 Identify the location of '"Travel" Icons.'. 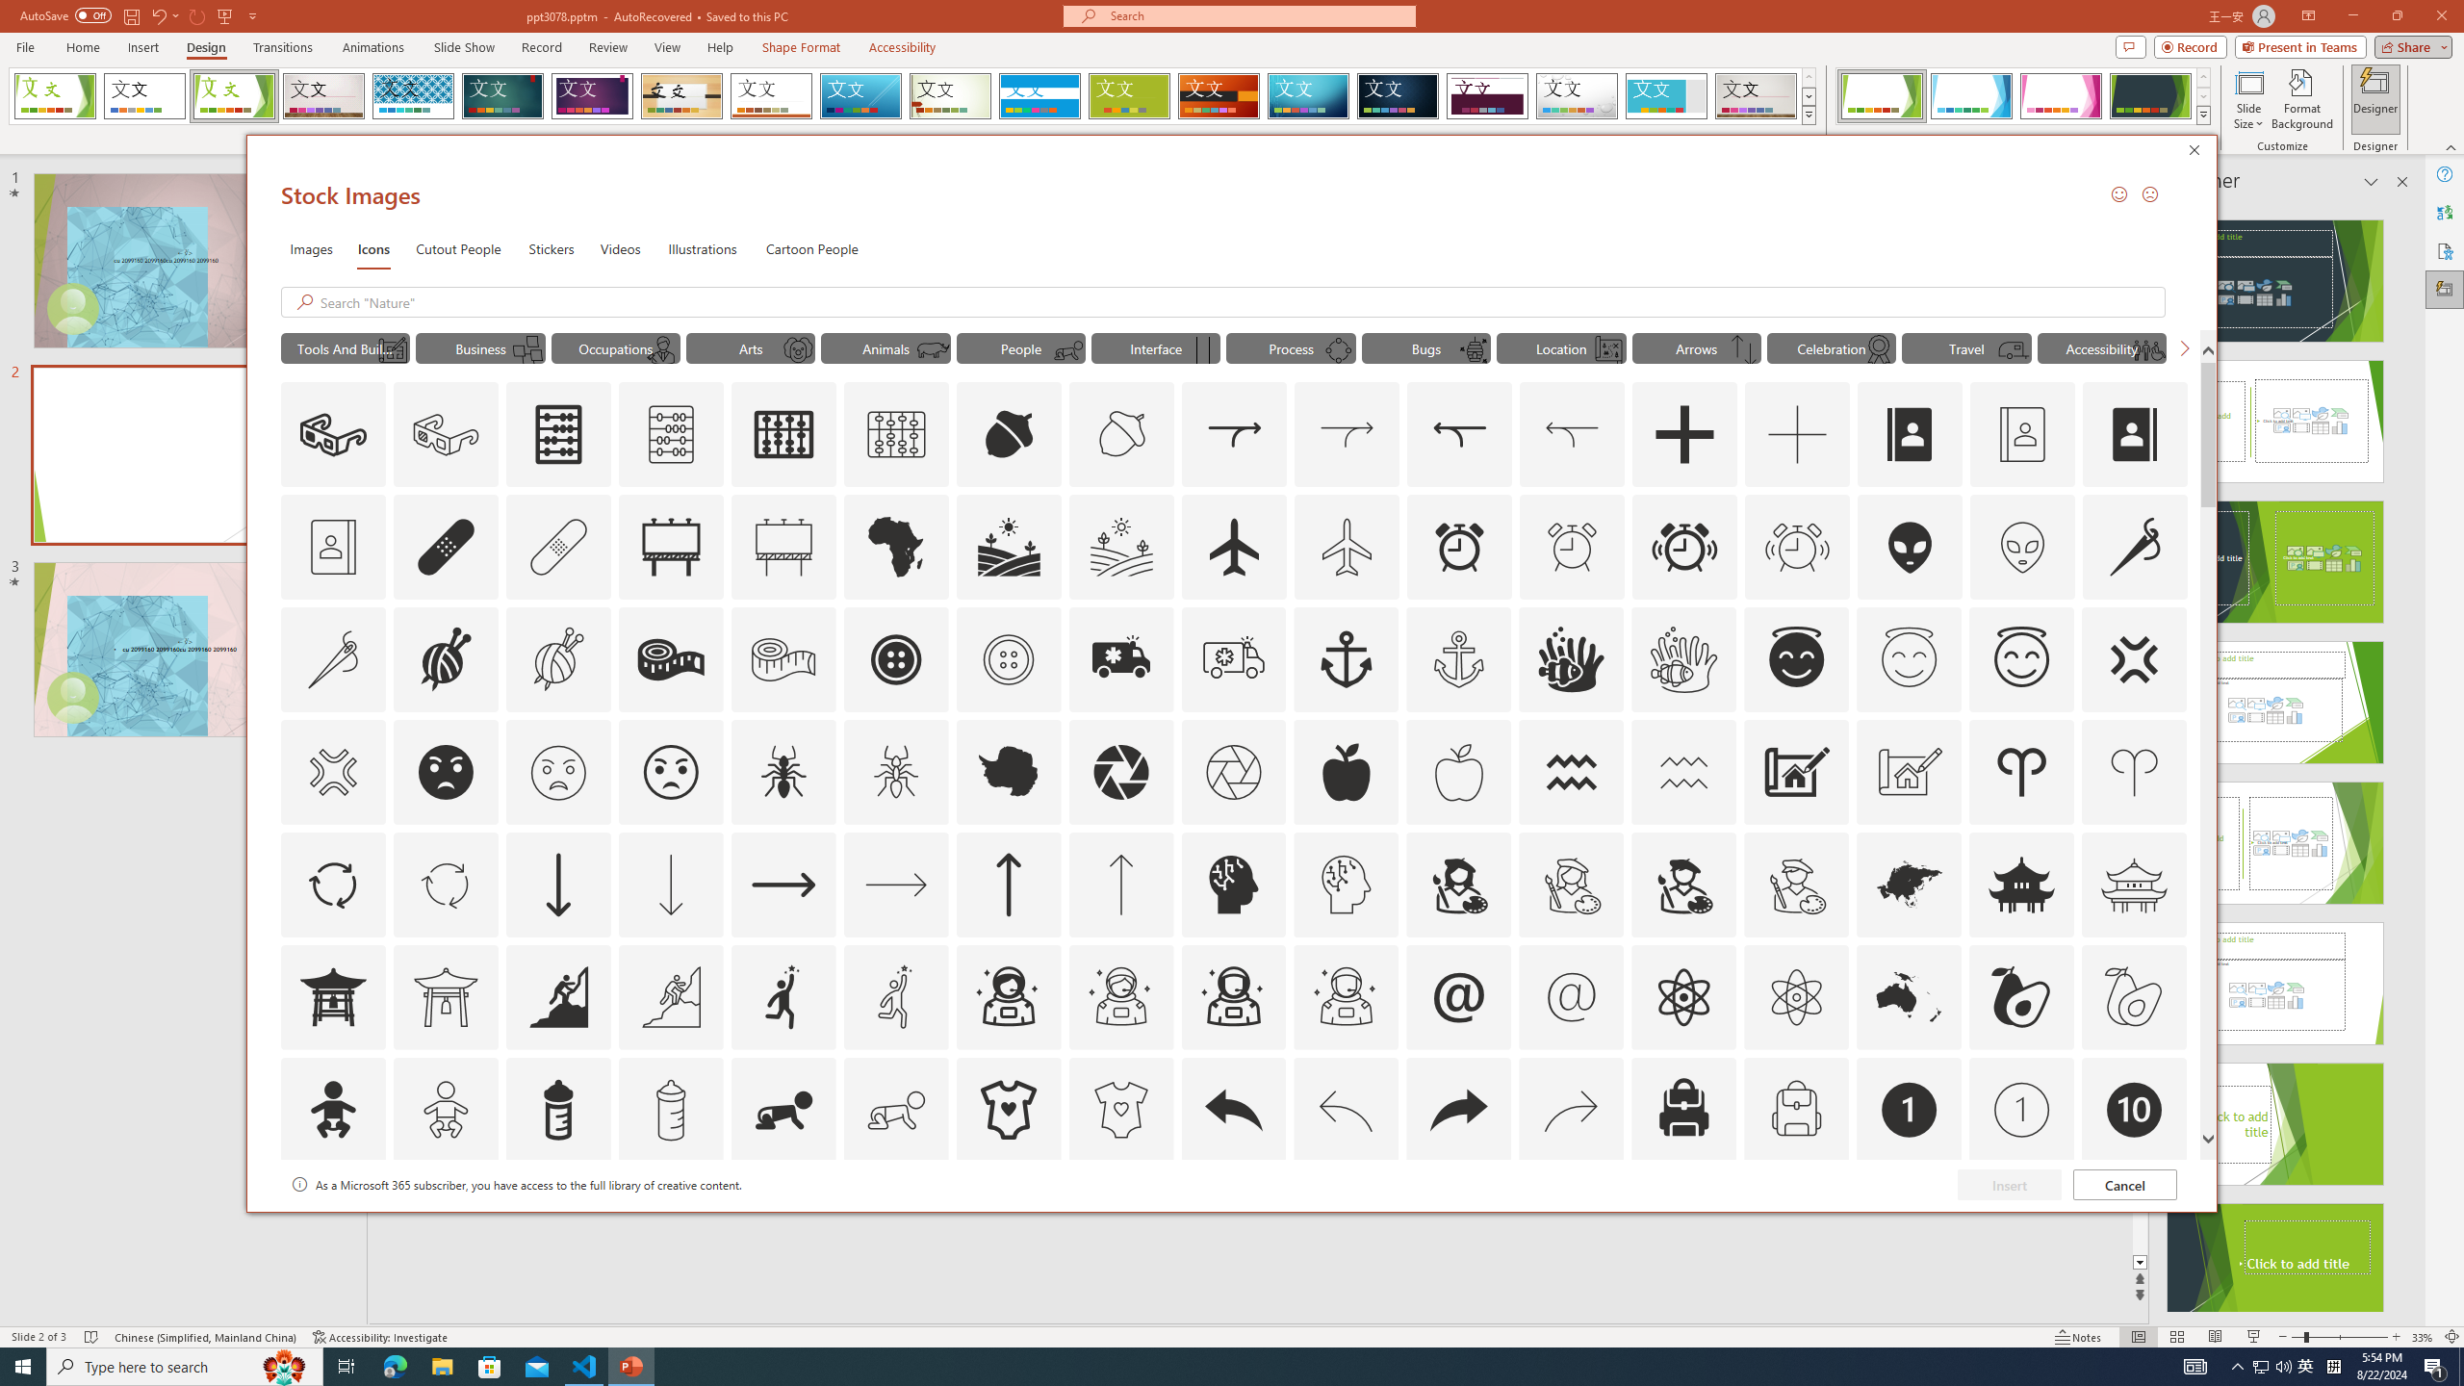
(1966, 346).